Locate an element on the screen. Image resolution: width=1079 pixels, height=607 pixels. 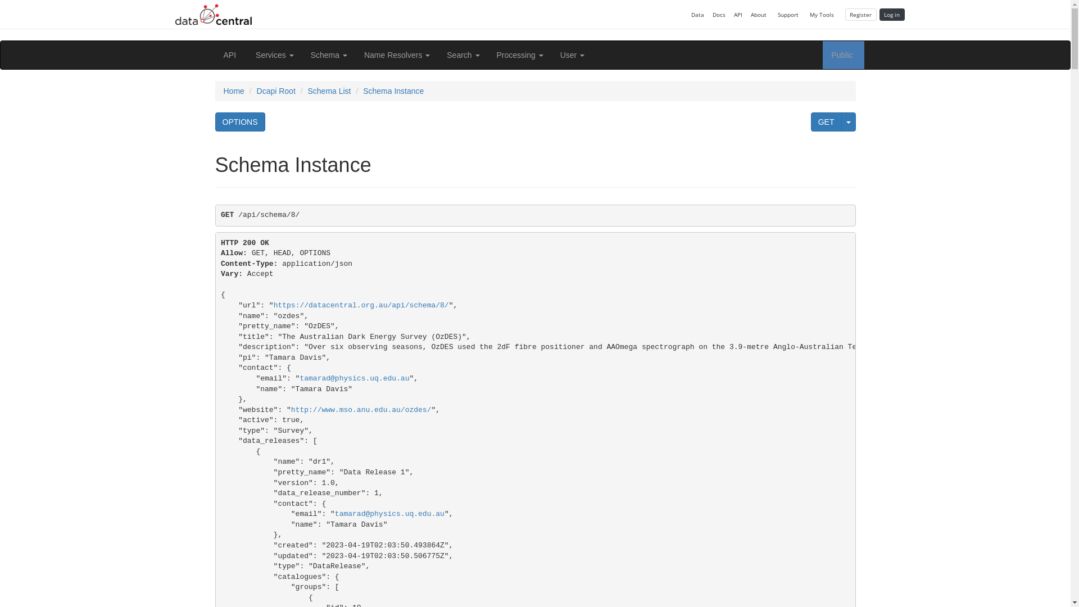
'User' is located at coordinates (572, 55).